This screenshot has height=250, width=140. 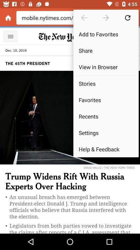 I want to click on the icon above the add to favorites item, so click(x=84, y=18).